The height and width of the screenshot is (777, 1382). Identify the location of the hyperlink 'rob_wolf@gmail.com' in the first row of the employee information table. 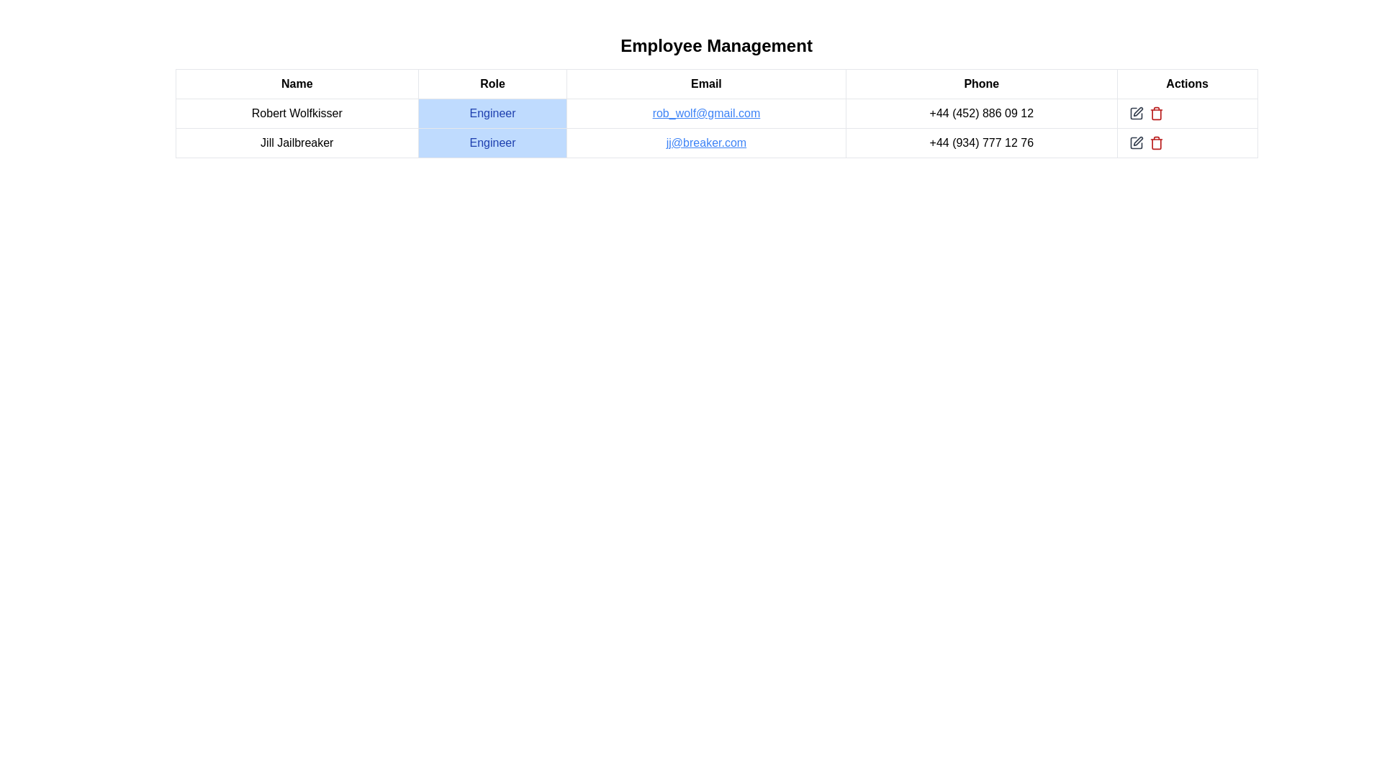
(716, 113).